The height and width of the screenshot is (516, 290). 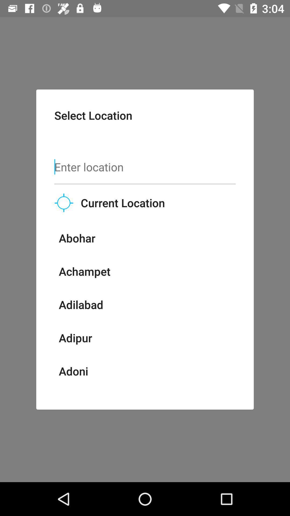 What do you see at coordinates (64, 202) in the screenshot?
I see `the item to the left of current location` at bounding box center [64, 202].